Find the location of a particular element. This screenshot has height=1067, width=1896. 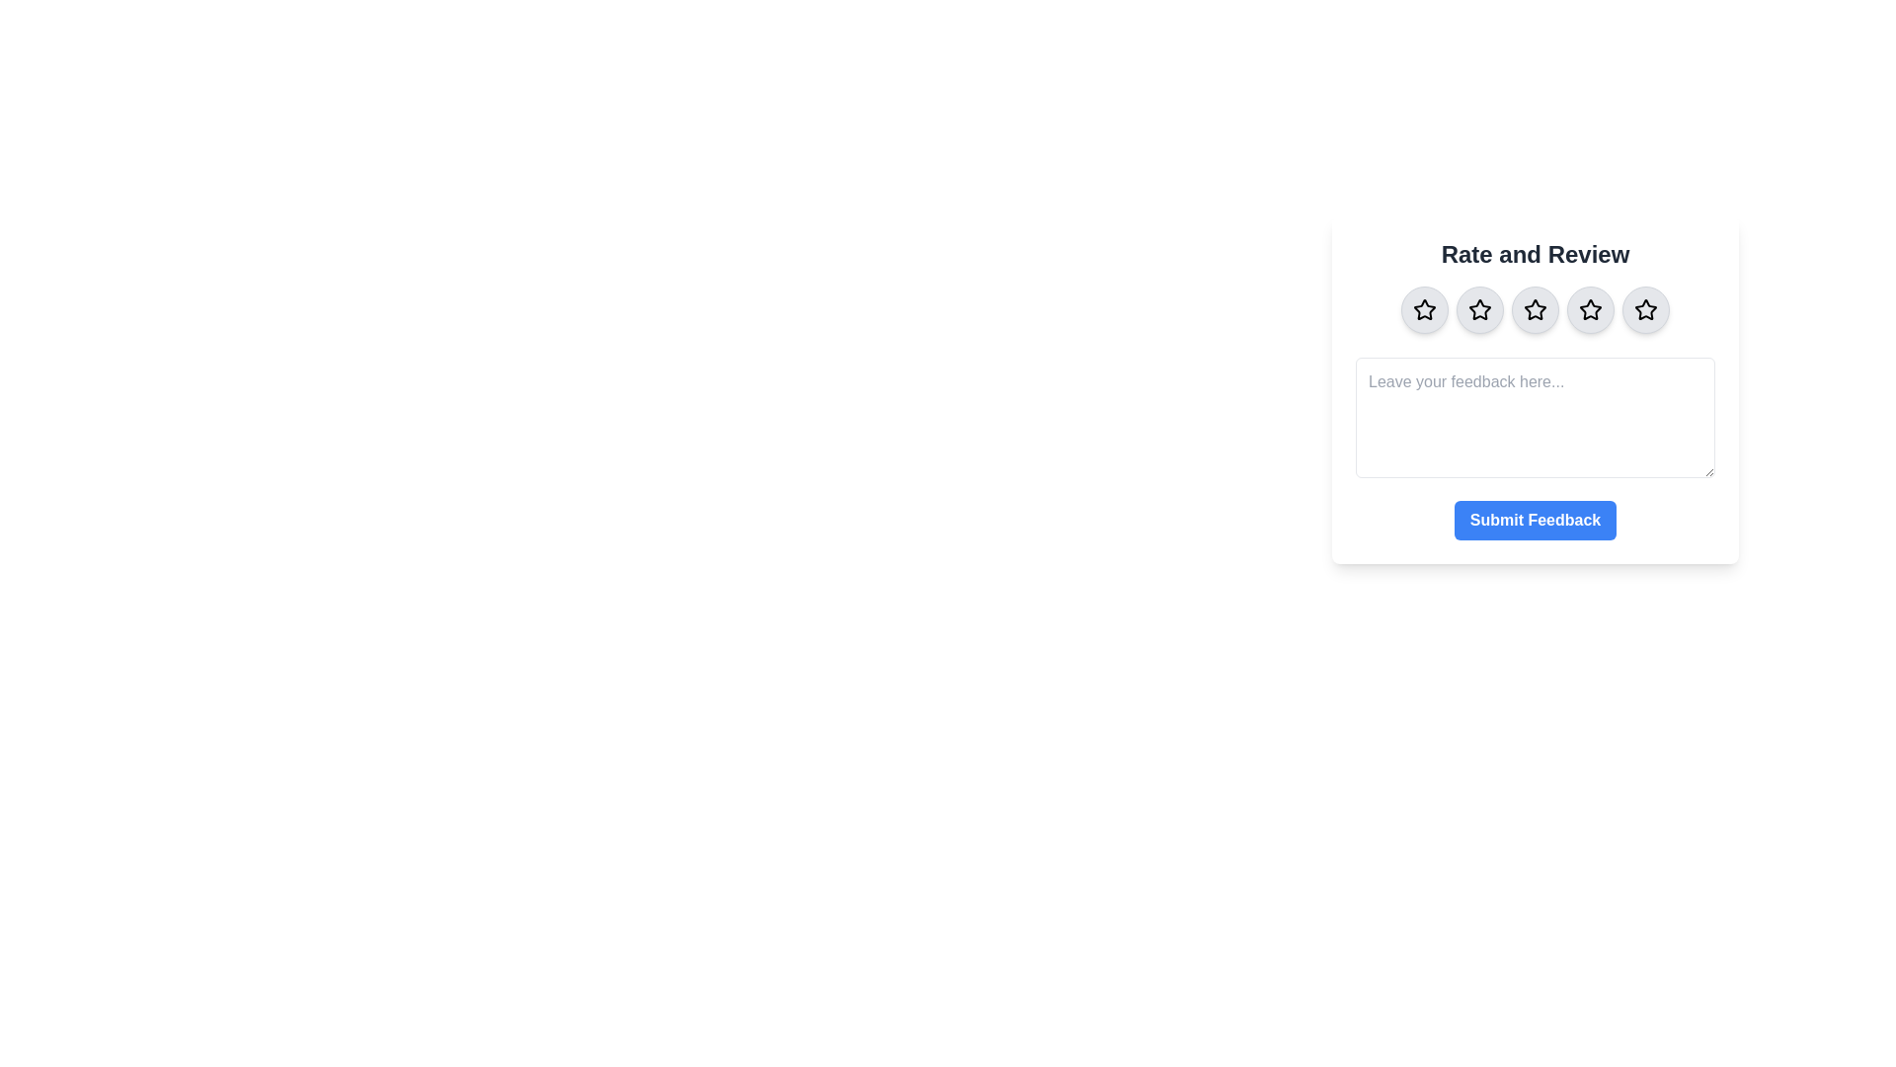

the second star icon in the horizontal row of five, which is styled with a black outline and a light gray background is located at coordinates (1479, 309).